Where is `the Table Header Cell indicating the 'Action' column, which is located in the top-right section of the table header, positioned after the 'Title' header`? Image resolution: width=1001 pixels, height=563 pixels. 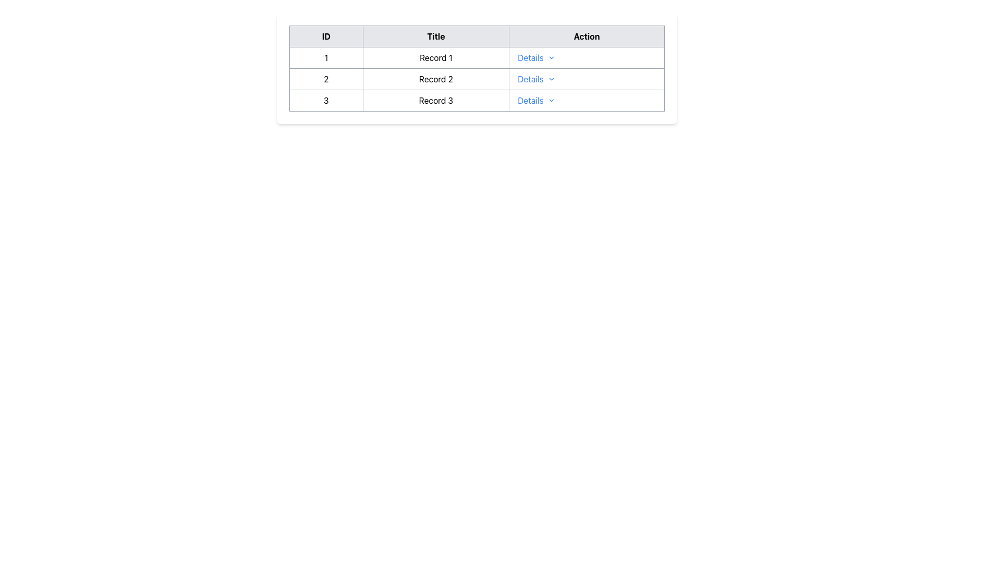 the Table Header Cell indicating the 'Action' column, which is located in the top-right section of the table header, positioned after the 'Title' header is located at coordinates (587, 35).